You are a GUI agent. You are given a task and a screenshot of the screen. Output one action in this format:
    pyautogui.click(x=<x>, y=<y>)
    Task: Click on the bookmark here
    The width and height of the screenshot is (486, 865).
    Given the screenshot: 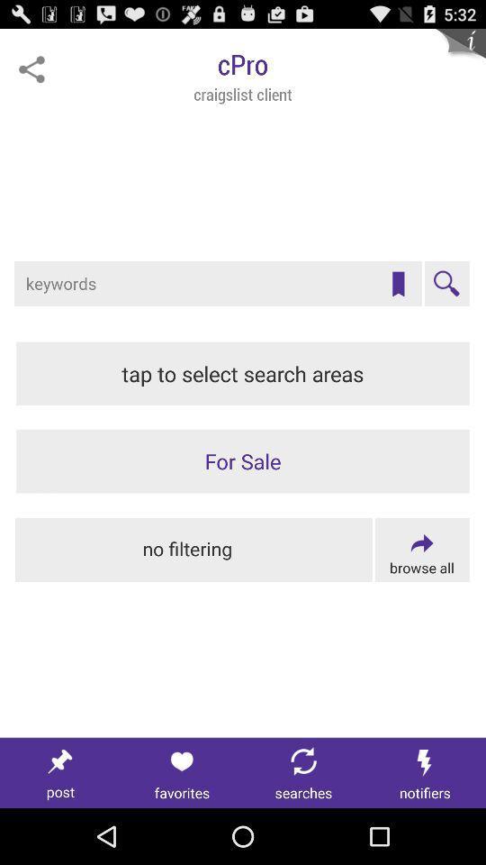 What is the action you would take?
    pyautogui.click(x=398, y=284)
    